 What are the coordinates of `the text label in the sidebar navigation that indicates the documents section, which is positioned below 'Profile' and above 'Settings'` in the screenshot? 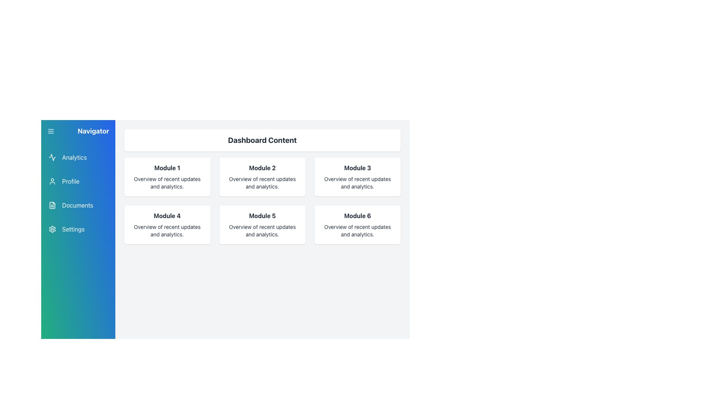 It's located at (78, 205).